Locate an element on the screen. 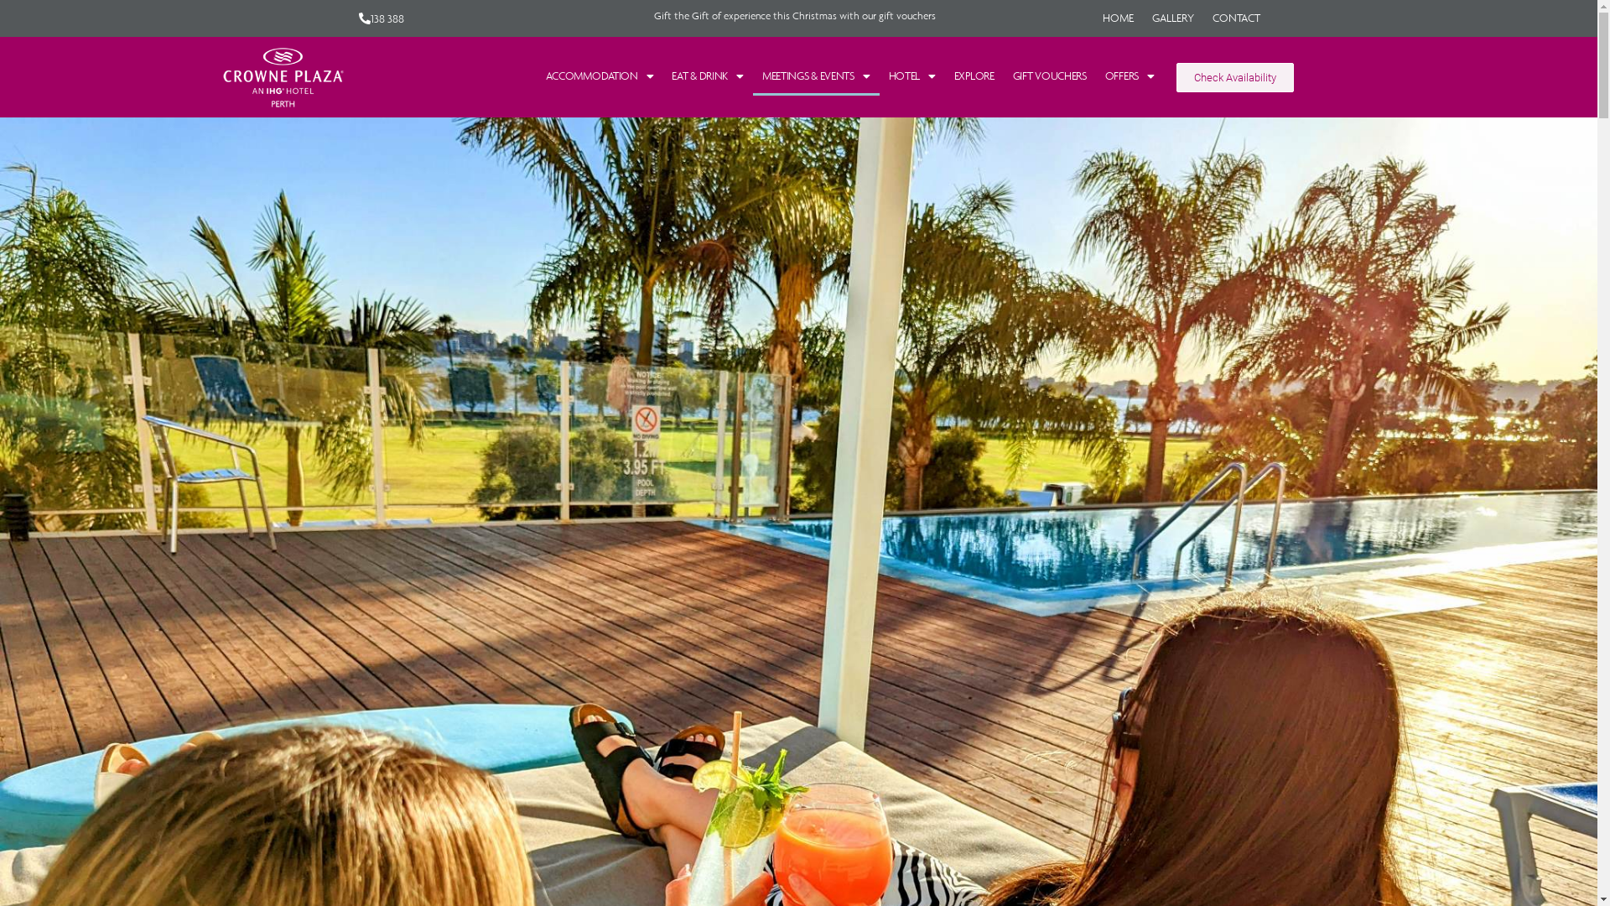 This screenshot has width=1610, height=906. 'HOTEL' is located at coordinates (910, 76).